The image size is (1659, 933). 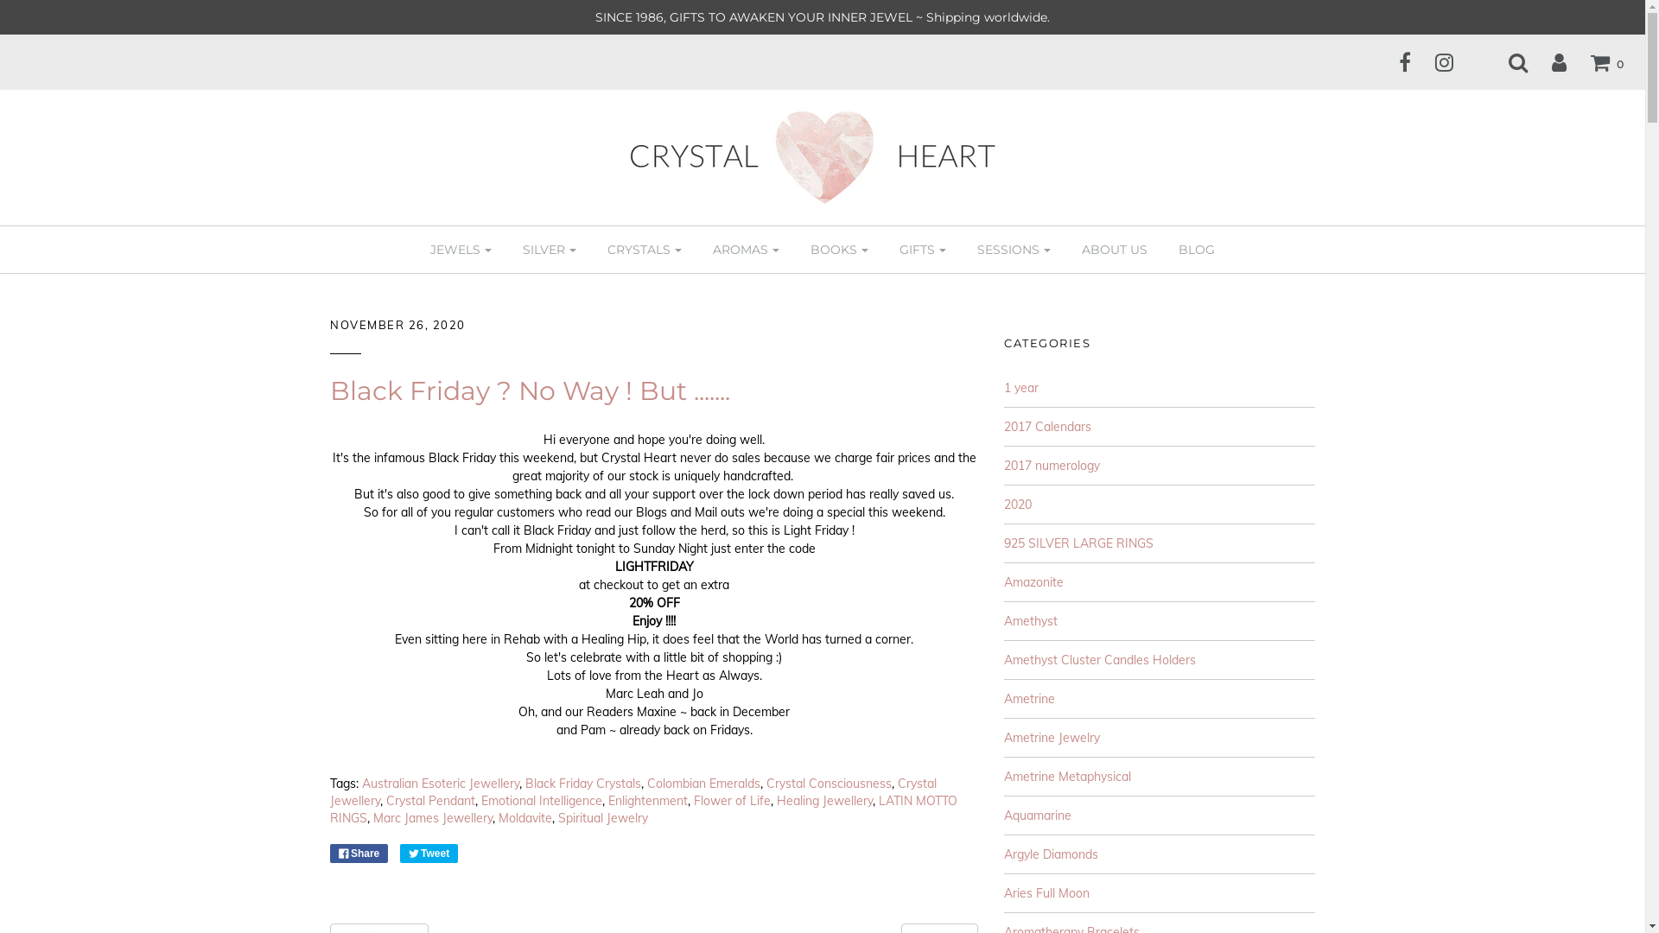 What do you see at coordinates (1033, 582) in the screenshot?
I see `'Amazonite'` at bounding box center [1033, 582].